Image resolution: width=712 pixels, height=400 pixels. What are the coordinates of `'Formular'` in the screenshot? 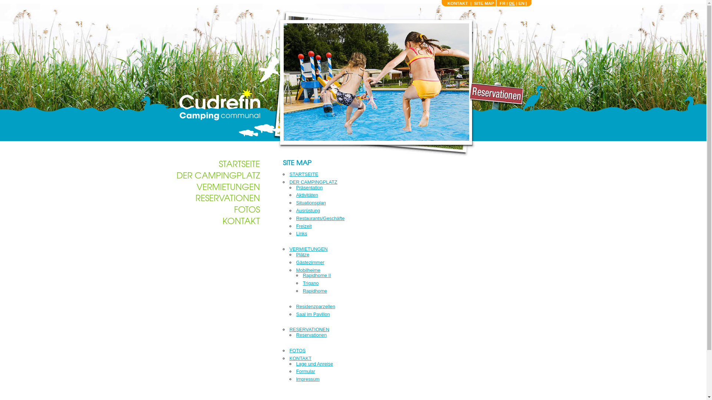 It's located at (305, 371).